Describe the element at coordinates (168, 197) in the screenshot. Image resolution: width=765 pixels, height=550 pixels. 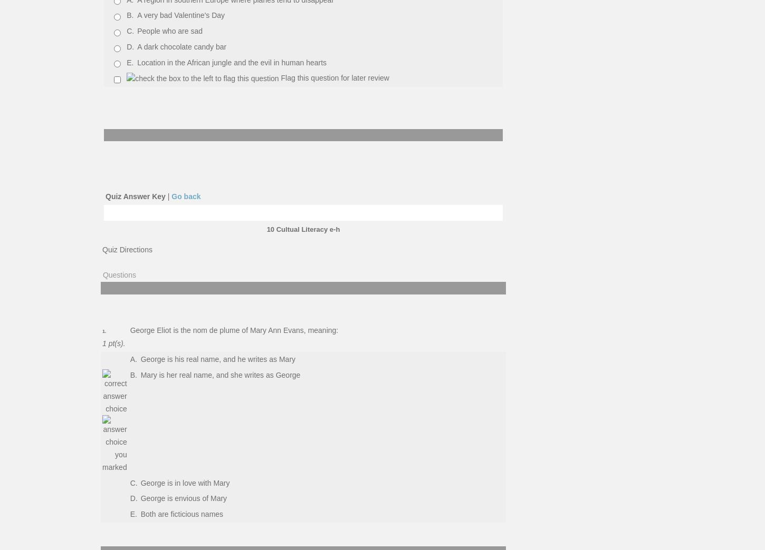
I see `'|'` at that location.